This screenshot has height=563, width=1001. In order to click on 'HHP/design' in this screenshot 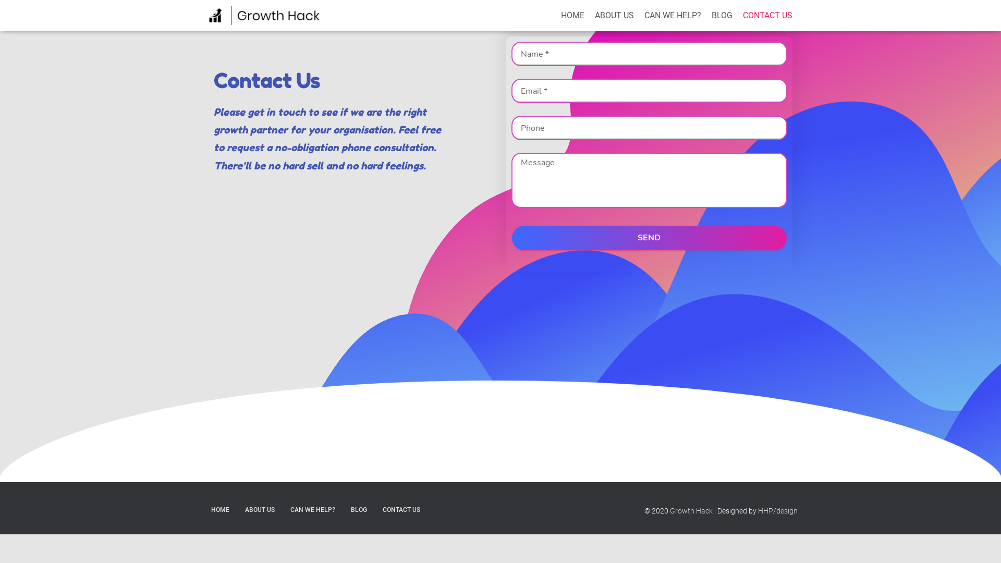, I will do `click(778, 510)`.